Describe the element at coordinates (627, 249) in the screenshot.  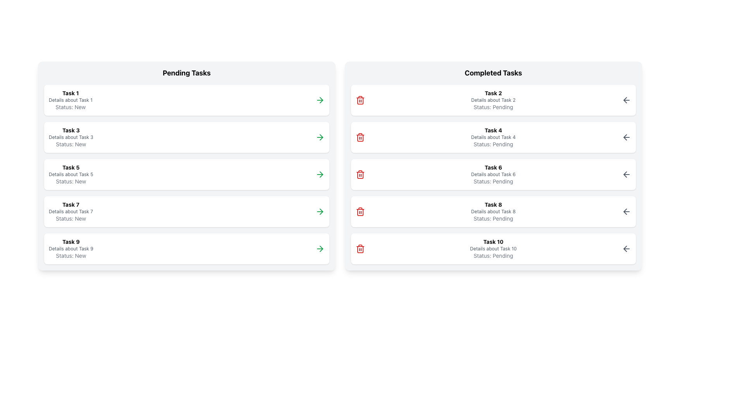
I see `the left arrow icon, which is the rightmost component of the 'Task 10' card in the 'Completed Tasks' section` at that location.